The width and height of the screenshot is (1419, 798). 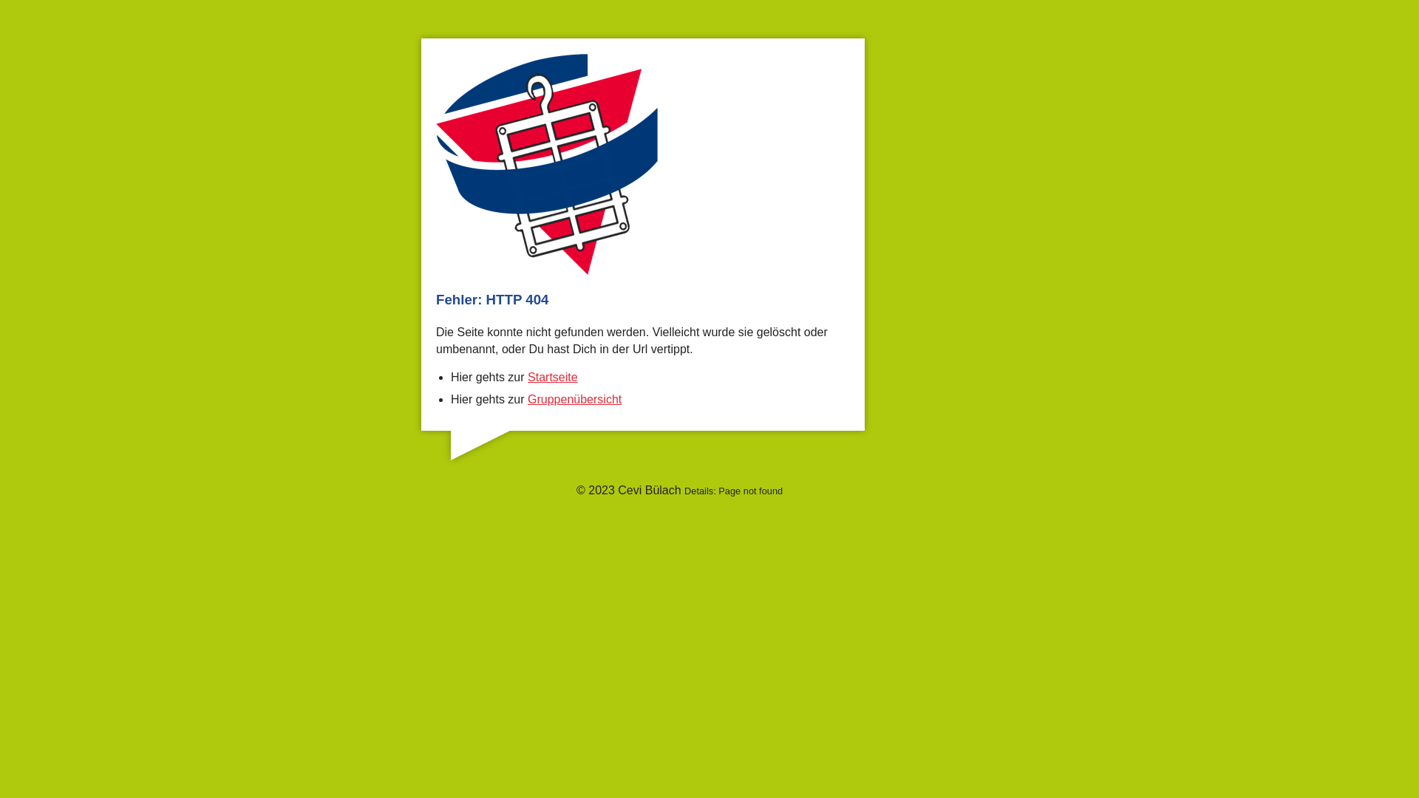 I want to click on 'Startseite', so click(x=528, y=376).